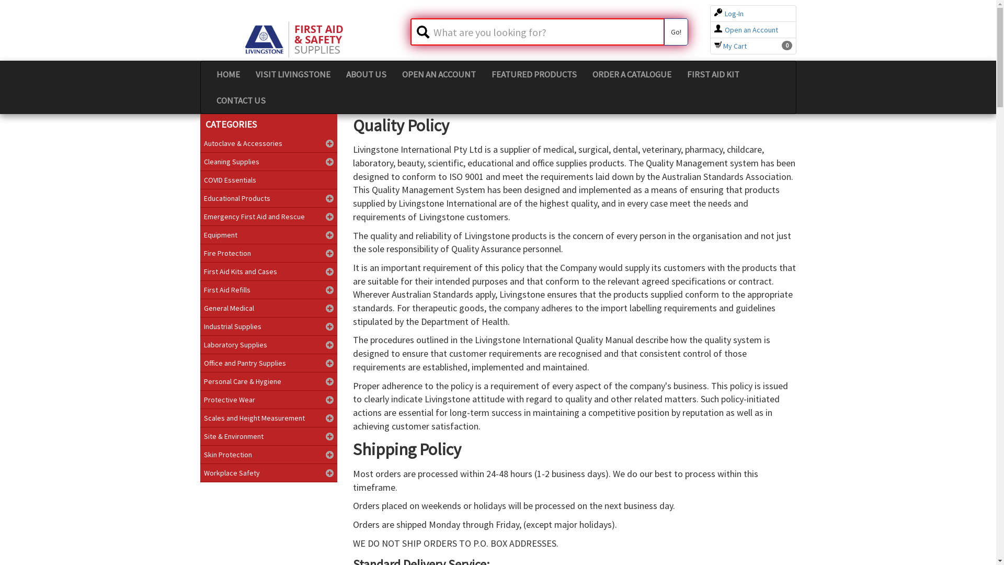 This screenshot has height=565, width=1004. I want to click on 'Scales and Height Measurement', so click(200, 417).